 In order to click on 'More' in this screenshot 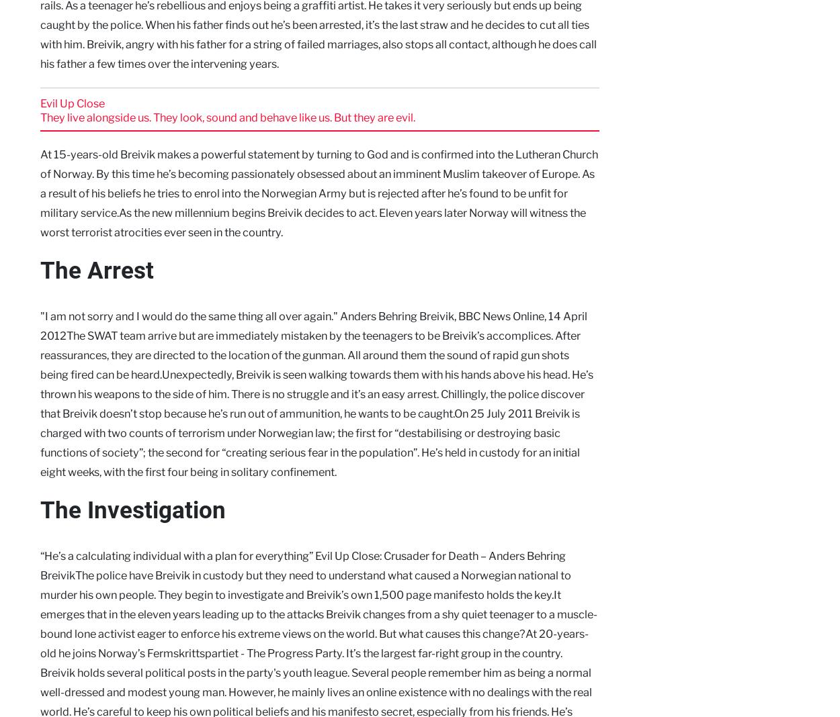, I will do `click(286, 369)`.